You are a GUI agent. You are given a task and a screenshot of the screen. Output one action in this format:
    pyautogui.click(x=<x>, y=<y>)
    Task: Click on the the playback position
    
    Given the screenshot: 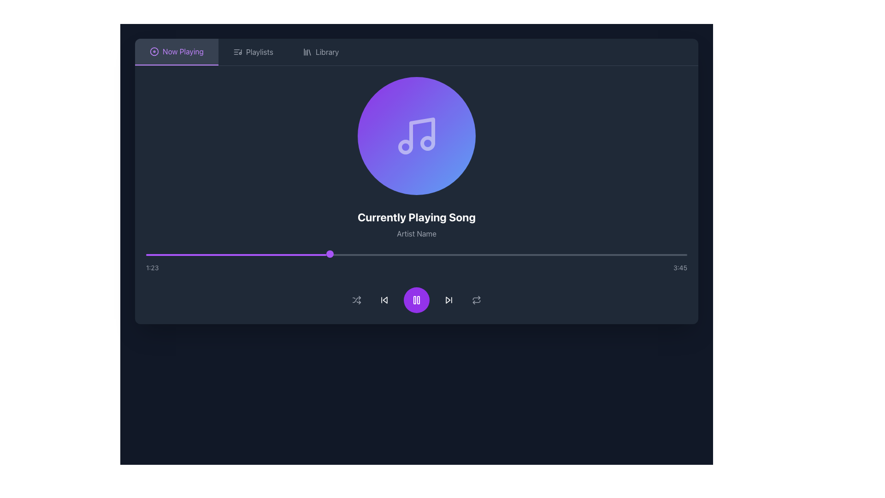 What is the action you would take?
    pyautogui.click(x=660, y=255)
    